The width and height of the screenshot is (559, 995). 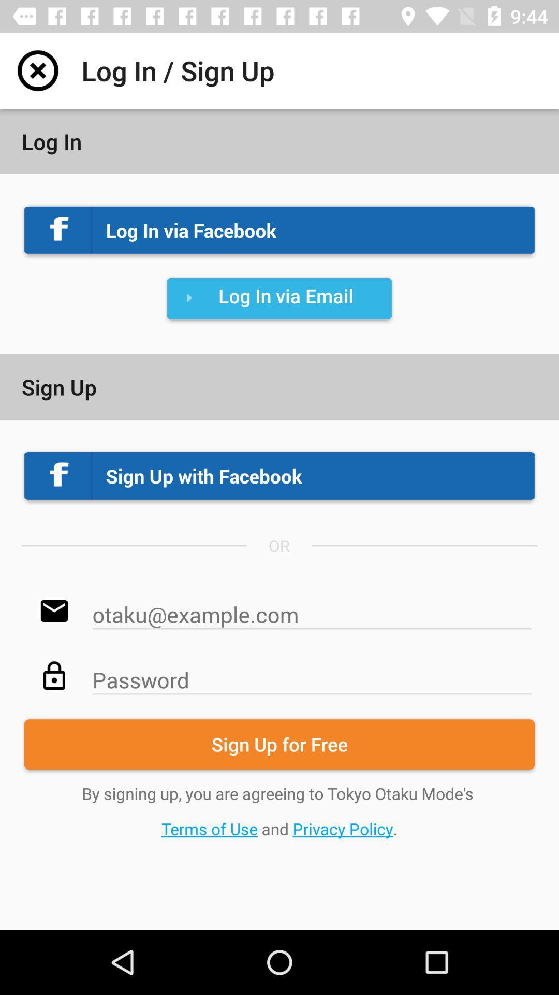 What do you see at coordinates (37, 70) in the screenshot?
I see `page` at bounding box center [37, 70].